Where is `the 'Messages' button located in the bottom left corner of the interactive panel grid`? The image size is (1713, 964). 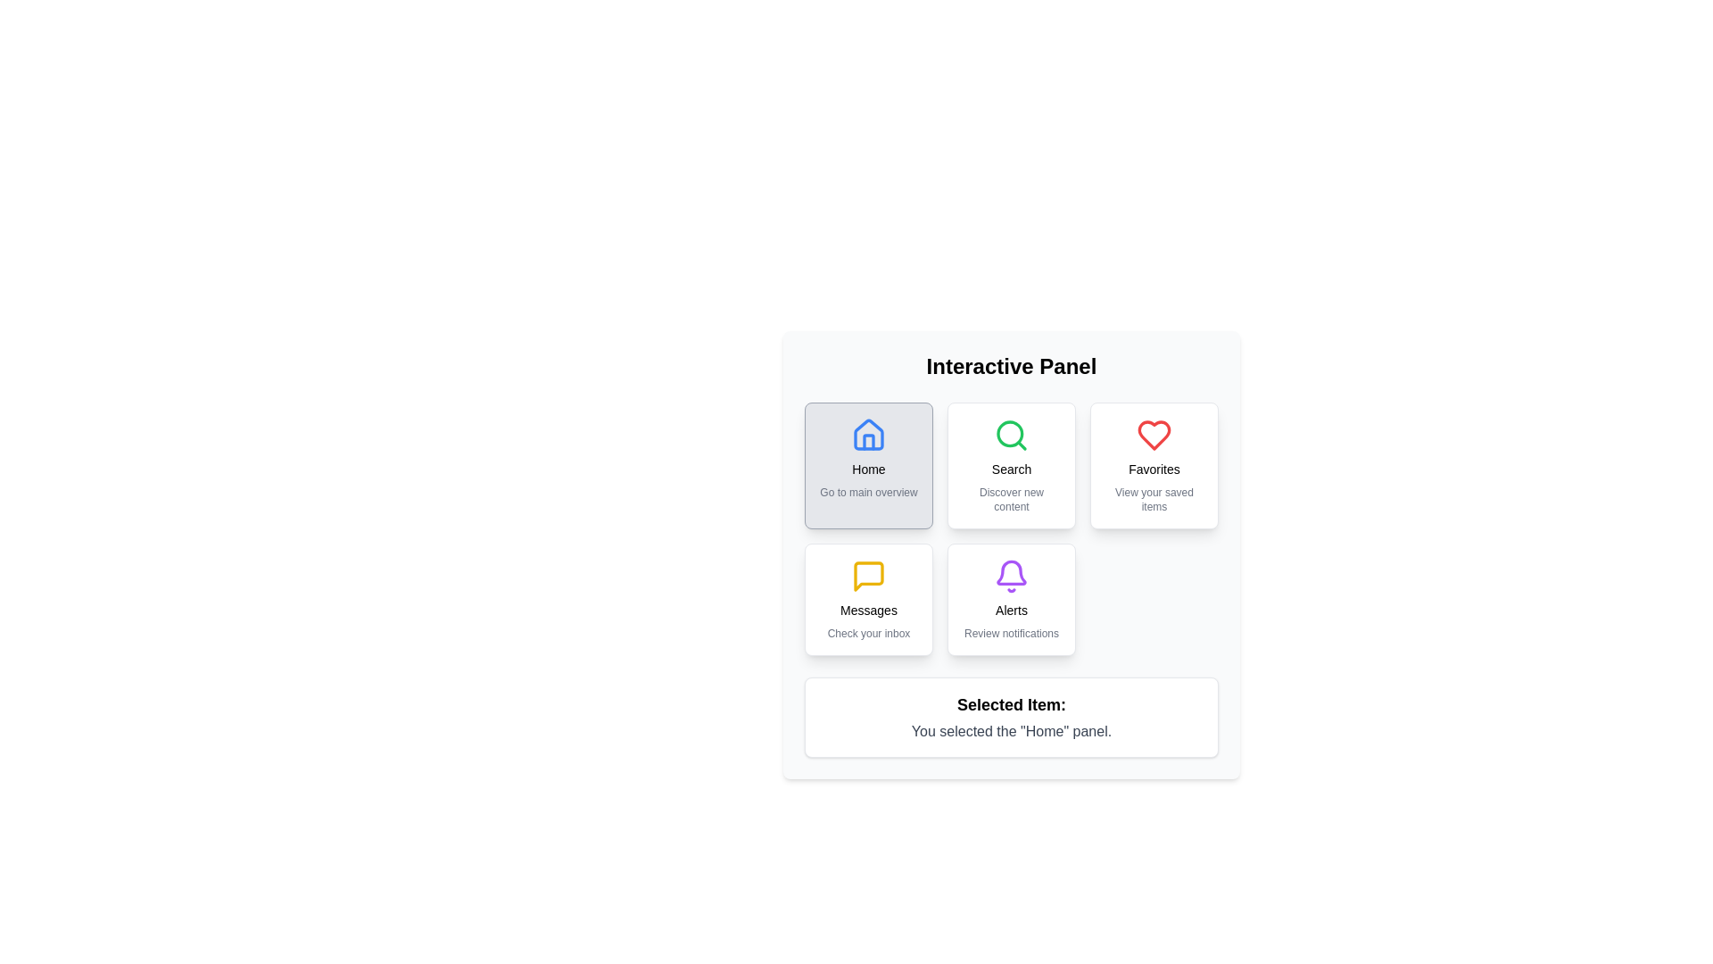
the 'Messages' button located in the bottom left corner of the interactive panel grid is located at coordinates (869, 599).